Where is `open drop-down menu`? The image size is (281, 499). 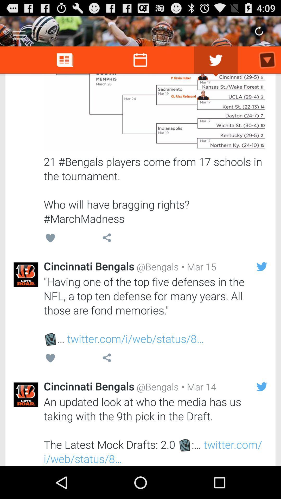
open drop-down menu is located at coordinates (19, 33).